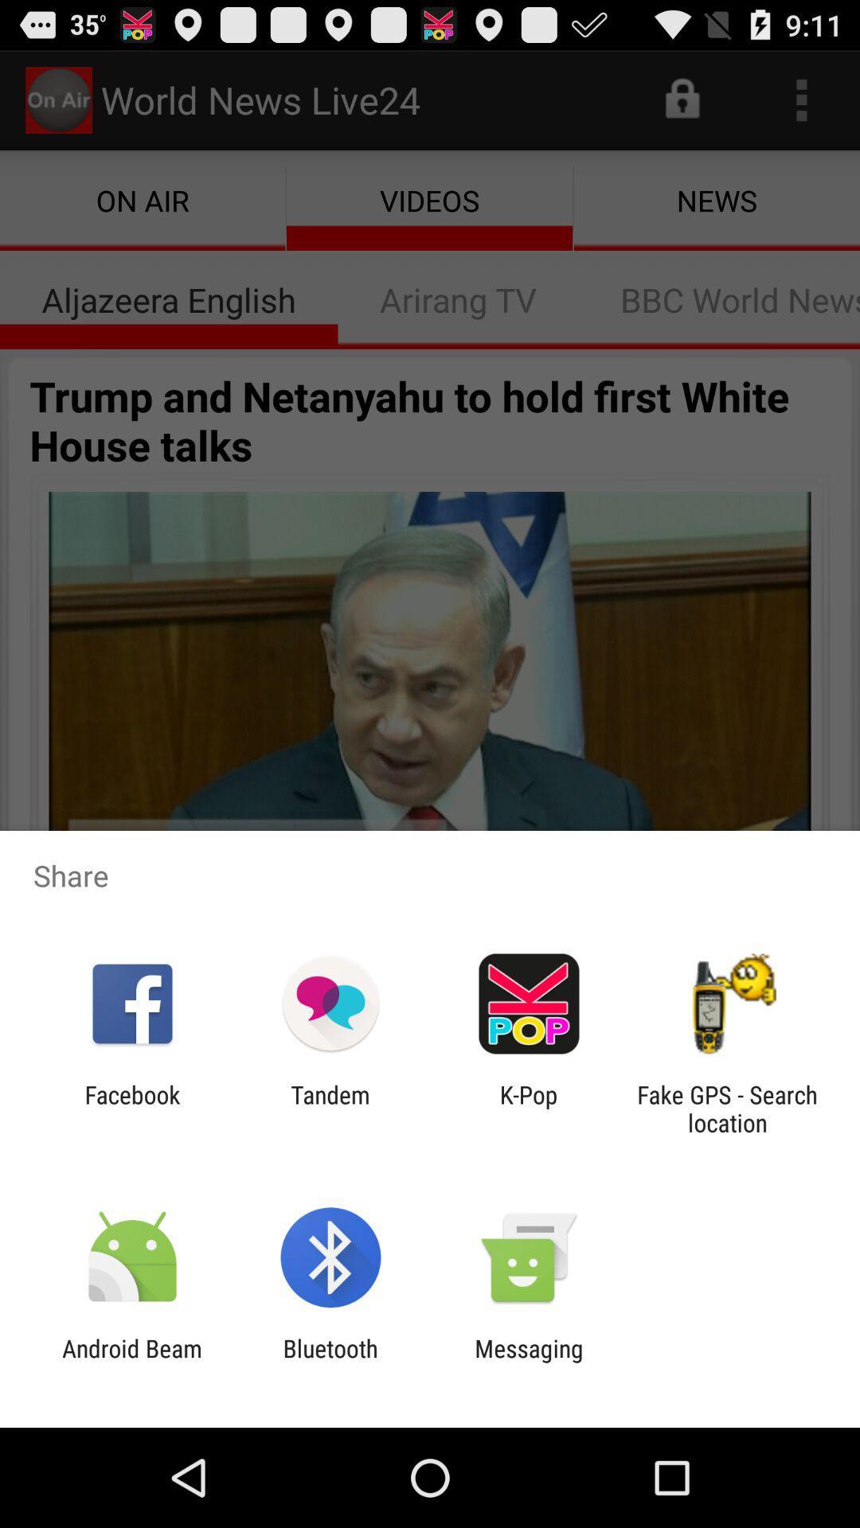  Describe the element at coordinates (330, 1108) in the screenshot. I see `the tandem item` at that location.